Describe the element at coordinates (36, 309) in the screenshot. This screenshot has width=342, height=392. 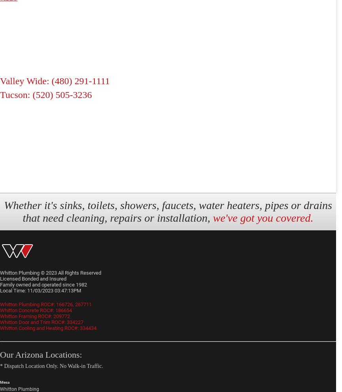
I see `'Whitton Concrete ROC#: 186654'` at that location.